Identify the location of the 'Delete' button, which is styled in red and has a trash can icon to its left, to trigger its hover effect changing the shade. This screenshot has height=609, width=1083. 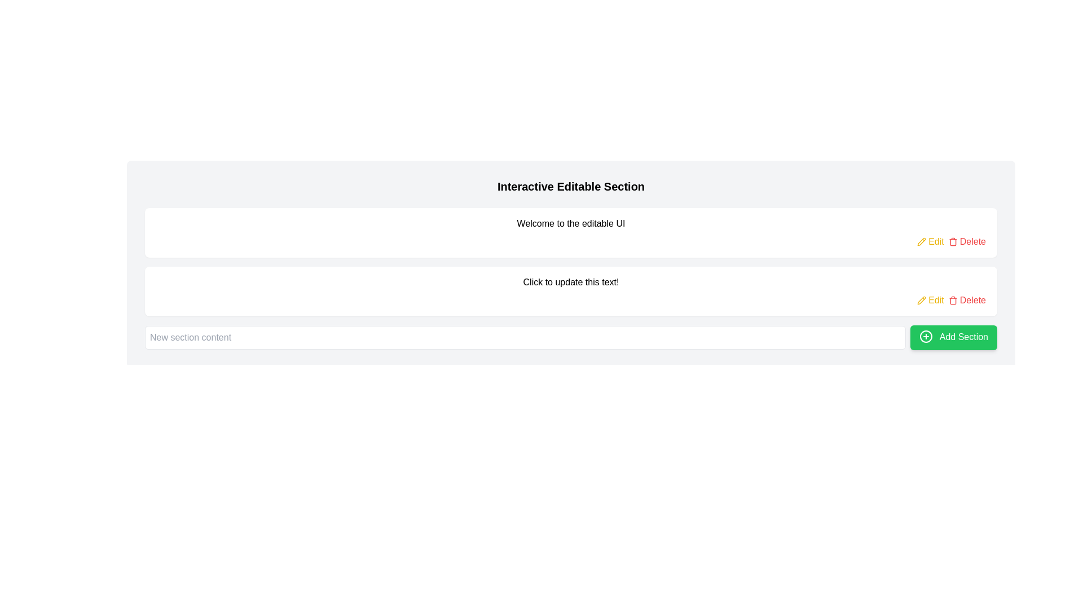
(966, 241).